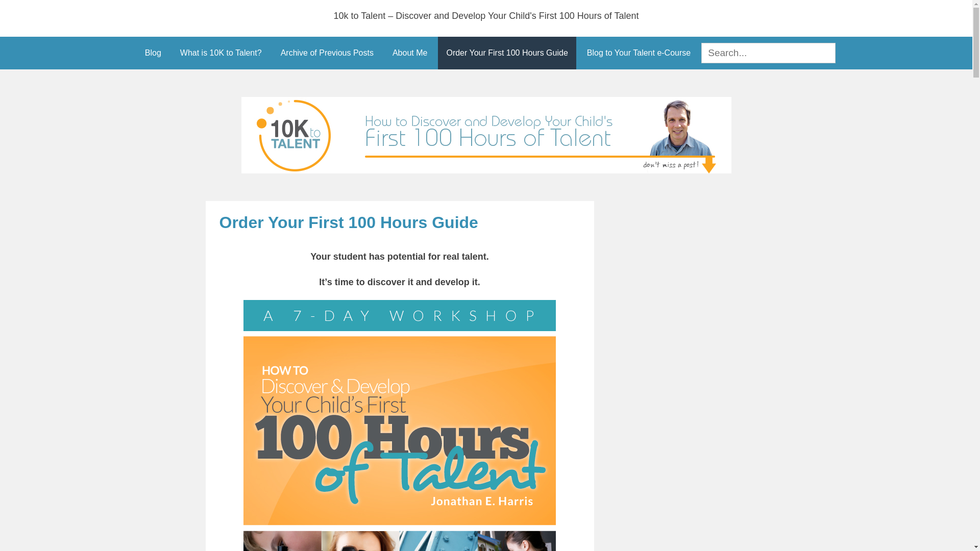 The width and height of the screenshot is (980, 551). I want to click on 'Blog', so click(136, 53).